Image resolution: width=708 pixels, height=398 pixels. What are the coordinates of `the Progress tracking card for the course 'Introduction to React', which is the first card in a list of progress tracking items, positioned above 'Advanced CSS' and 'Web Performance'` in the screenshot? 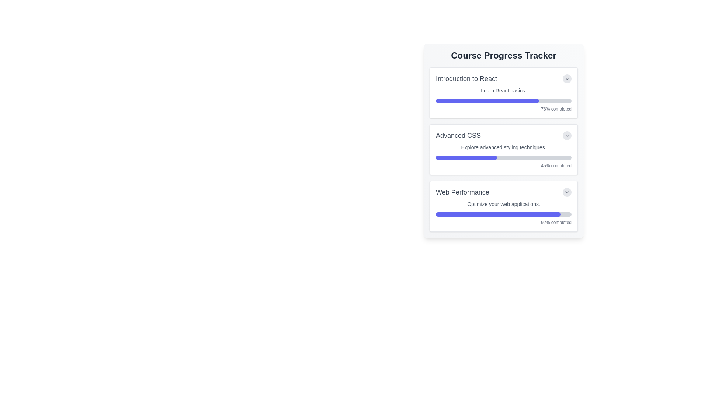 It's located at (503, 92).